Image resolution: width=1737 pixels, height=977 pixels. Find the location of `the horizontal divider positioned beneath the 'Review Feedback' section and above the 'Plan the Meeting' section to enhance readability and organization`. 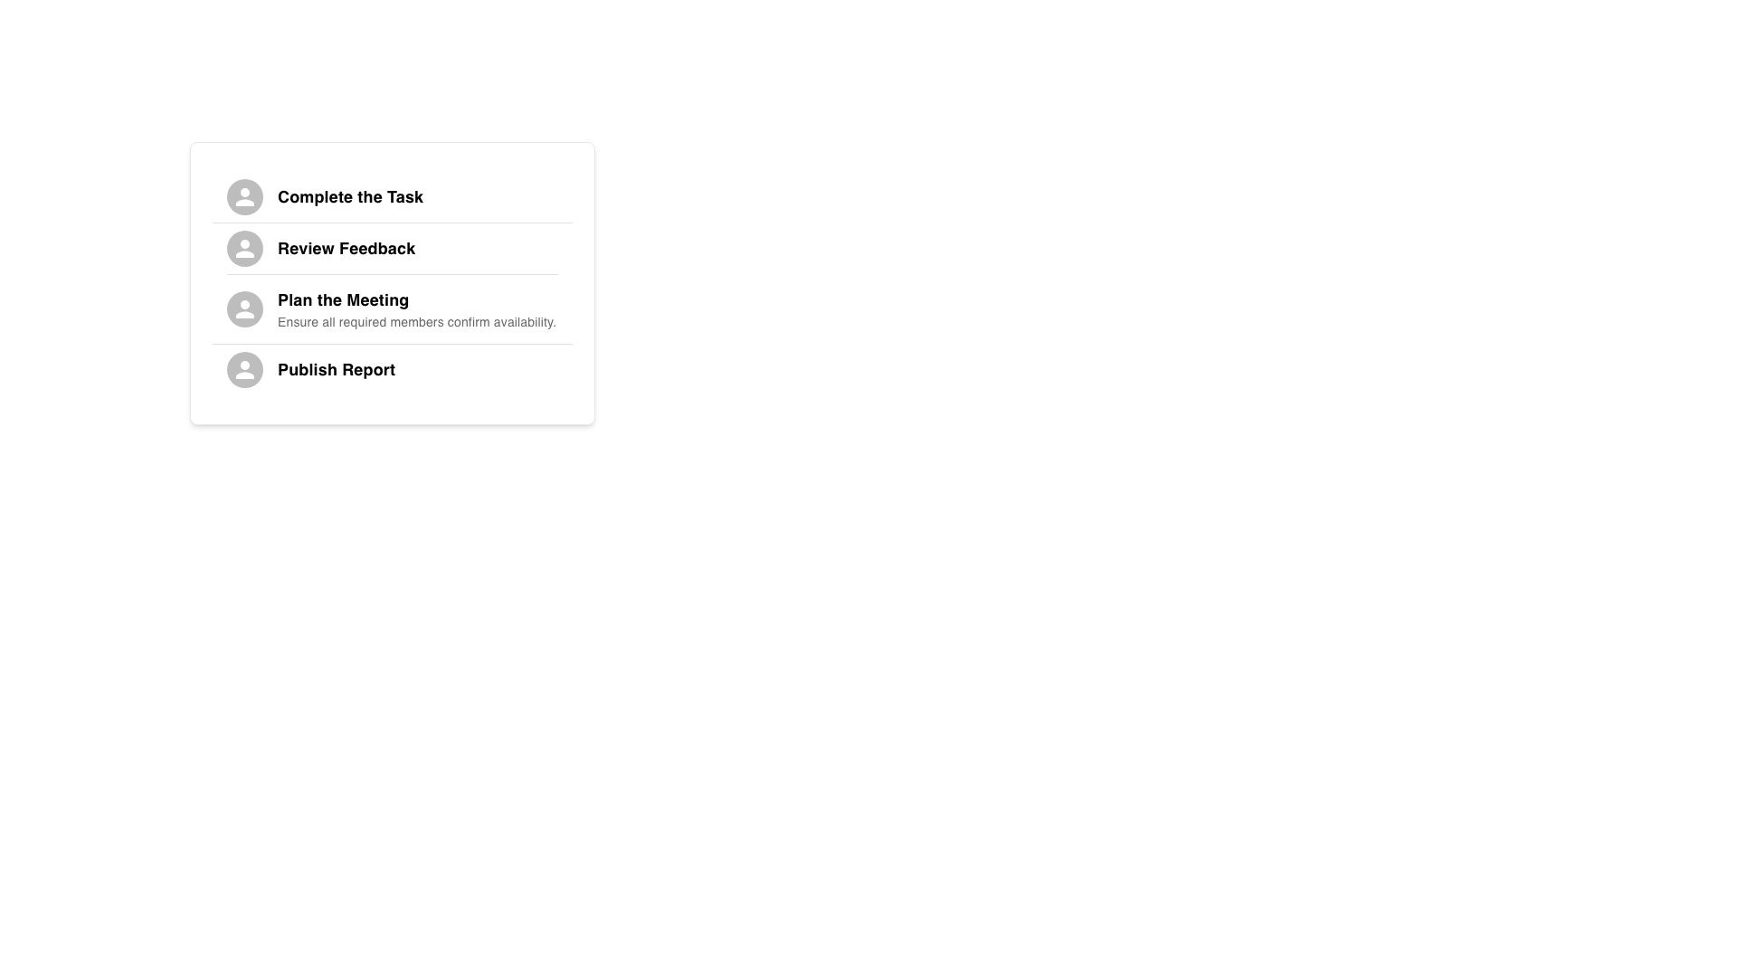

the horizontal divider positioned beneath the 'Review Feedback' section and above the 'Plan the Meeting' section to enhance readability and organization is located at coordinates (391, 274).